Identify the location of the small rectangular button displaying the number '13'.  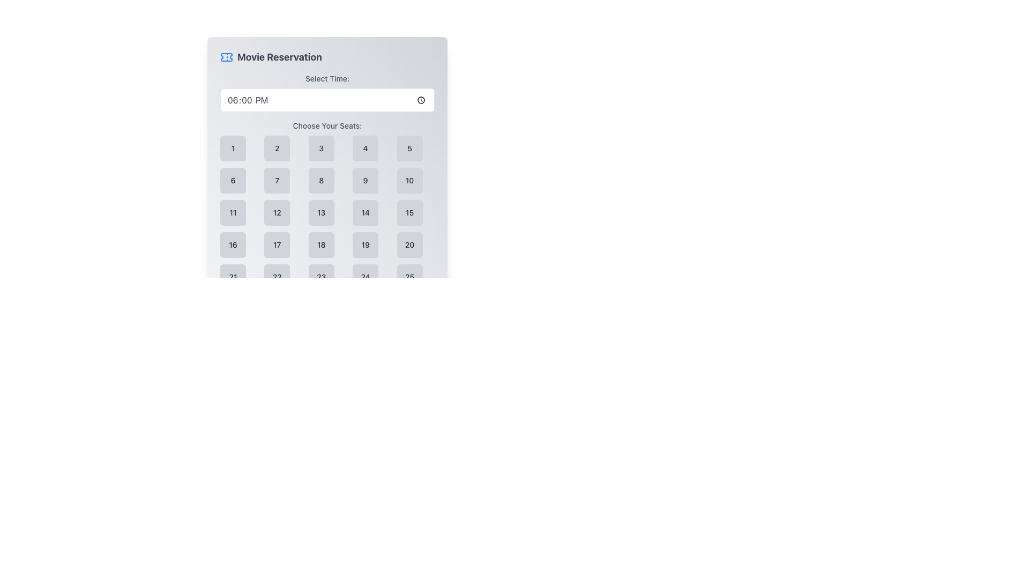
(320, 213).